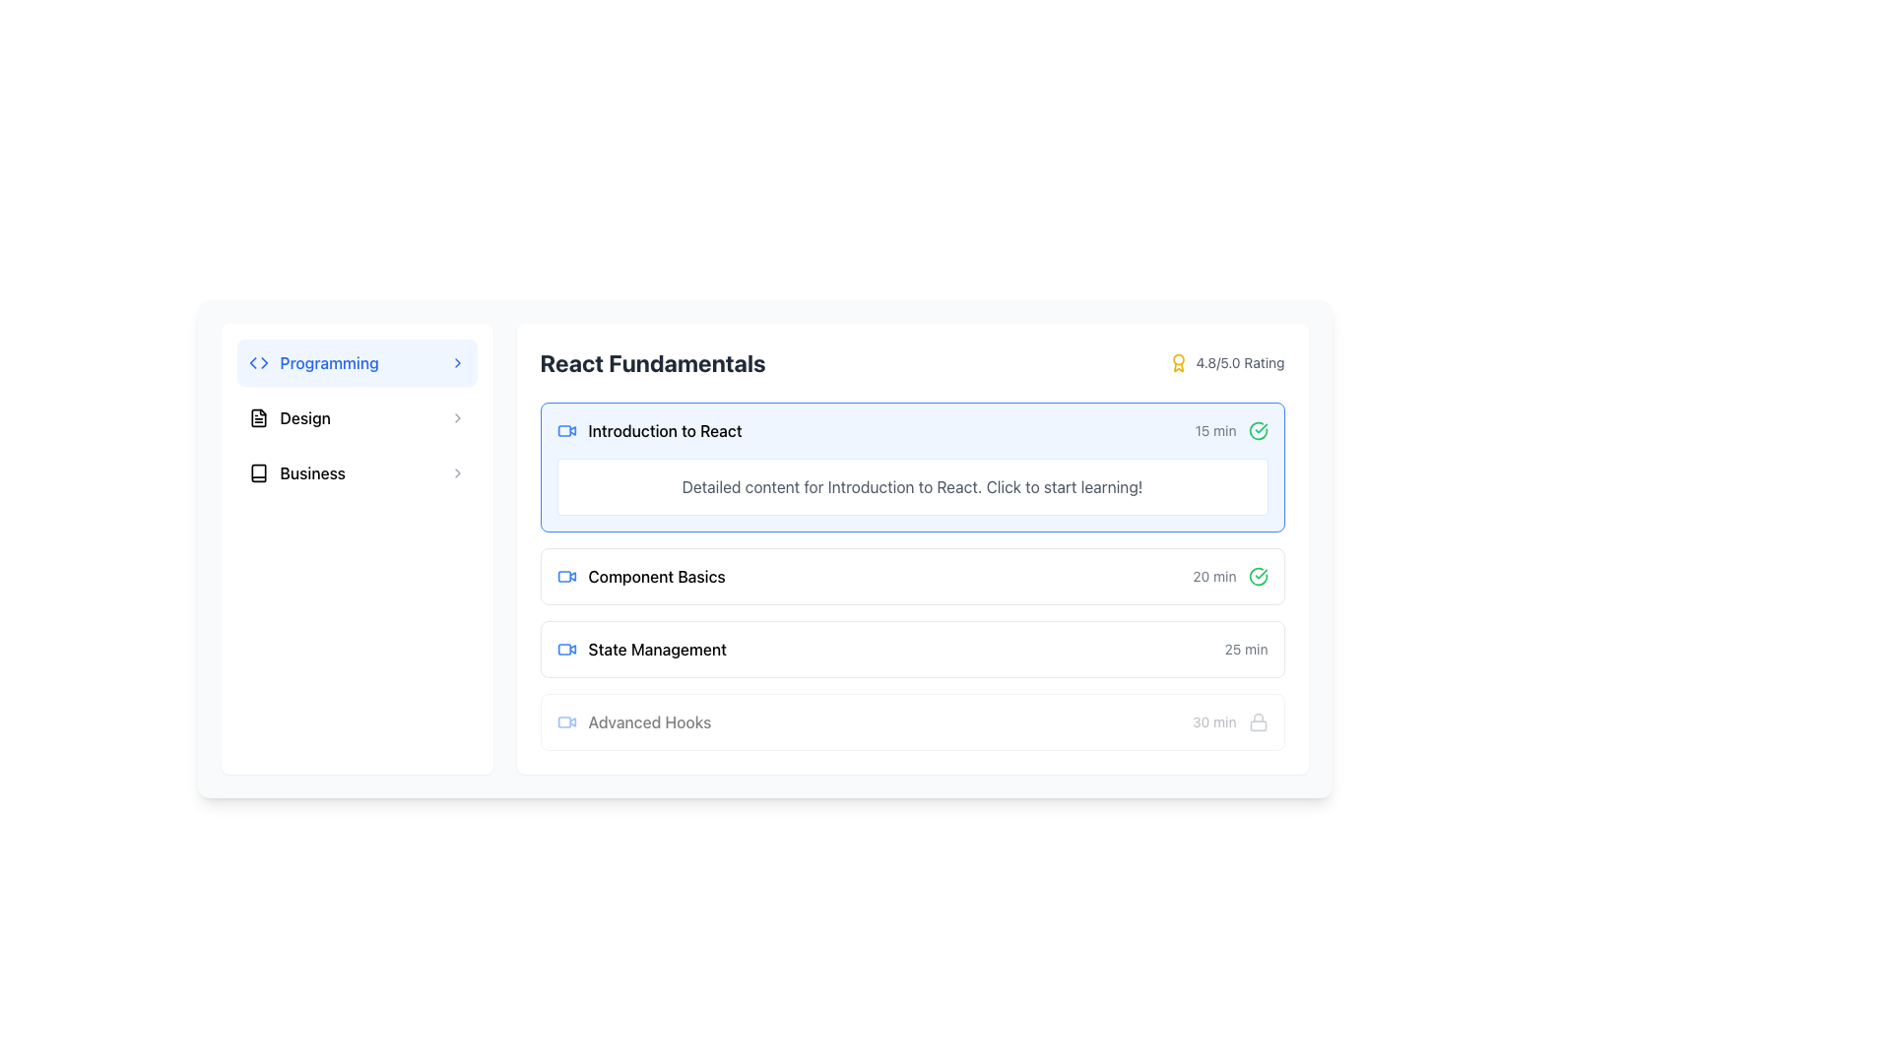 The image size is (1891, 1063). I want to click on the list item titled 'Component Basics', so click(911, 576).